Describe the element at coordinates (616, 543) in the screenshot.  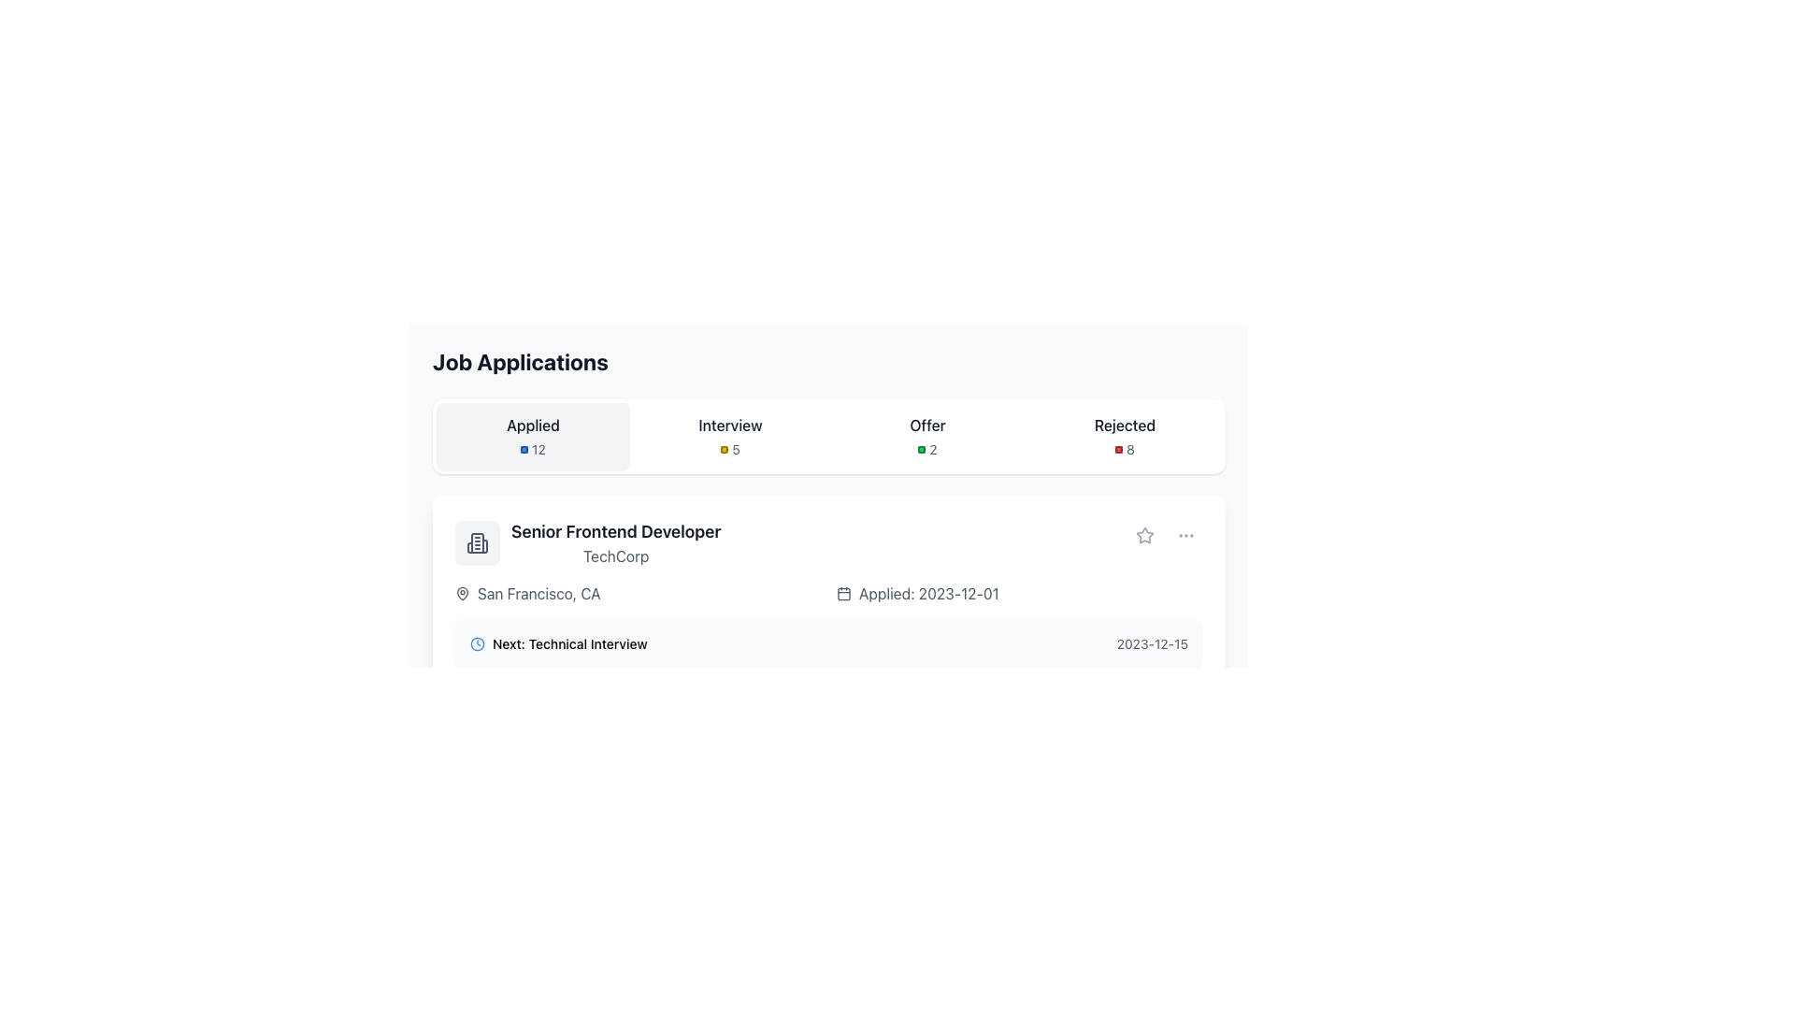
I see `the Text Display element that shows the job title and company name for a specific job application, located centrally in the list item` at that location.